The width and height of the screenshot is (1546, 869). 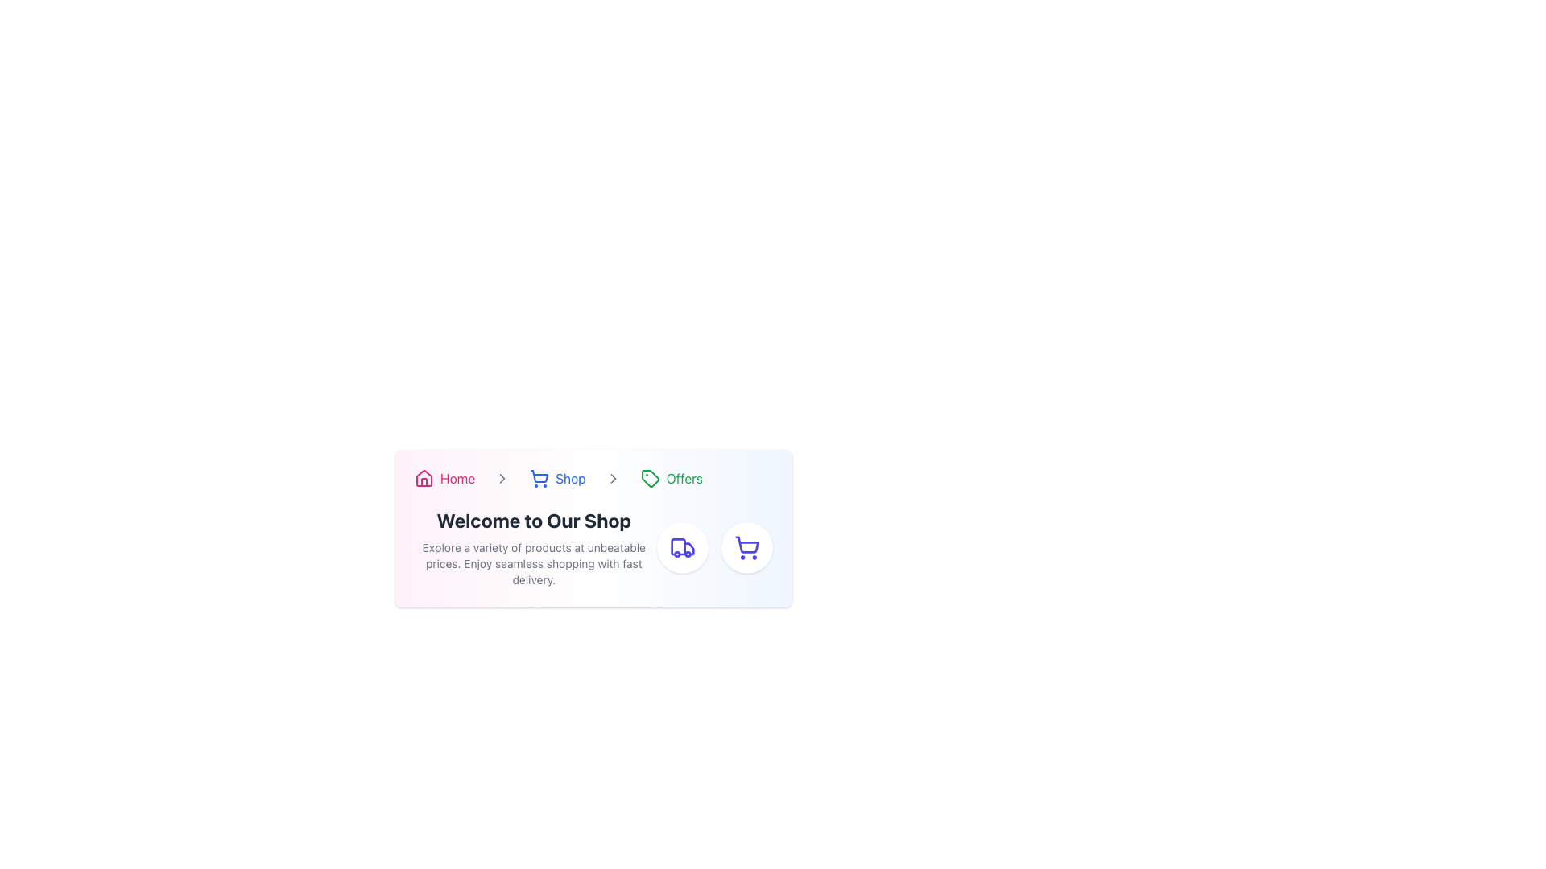 What do you see at coordinates (746, 544) in the screenshot?
I see `the shopping cart icon located in the lower-right corner of the page, which is part of a circular button with a red border` at bounding box center [746, 544].